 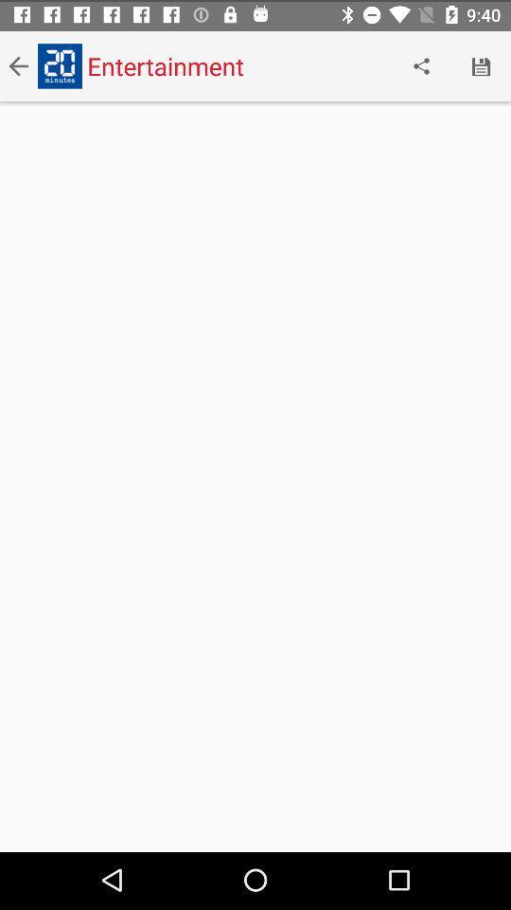 I want to click on the icon to the right of entertainment, so click(x=421, y=64).